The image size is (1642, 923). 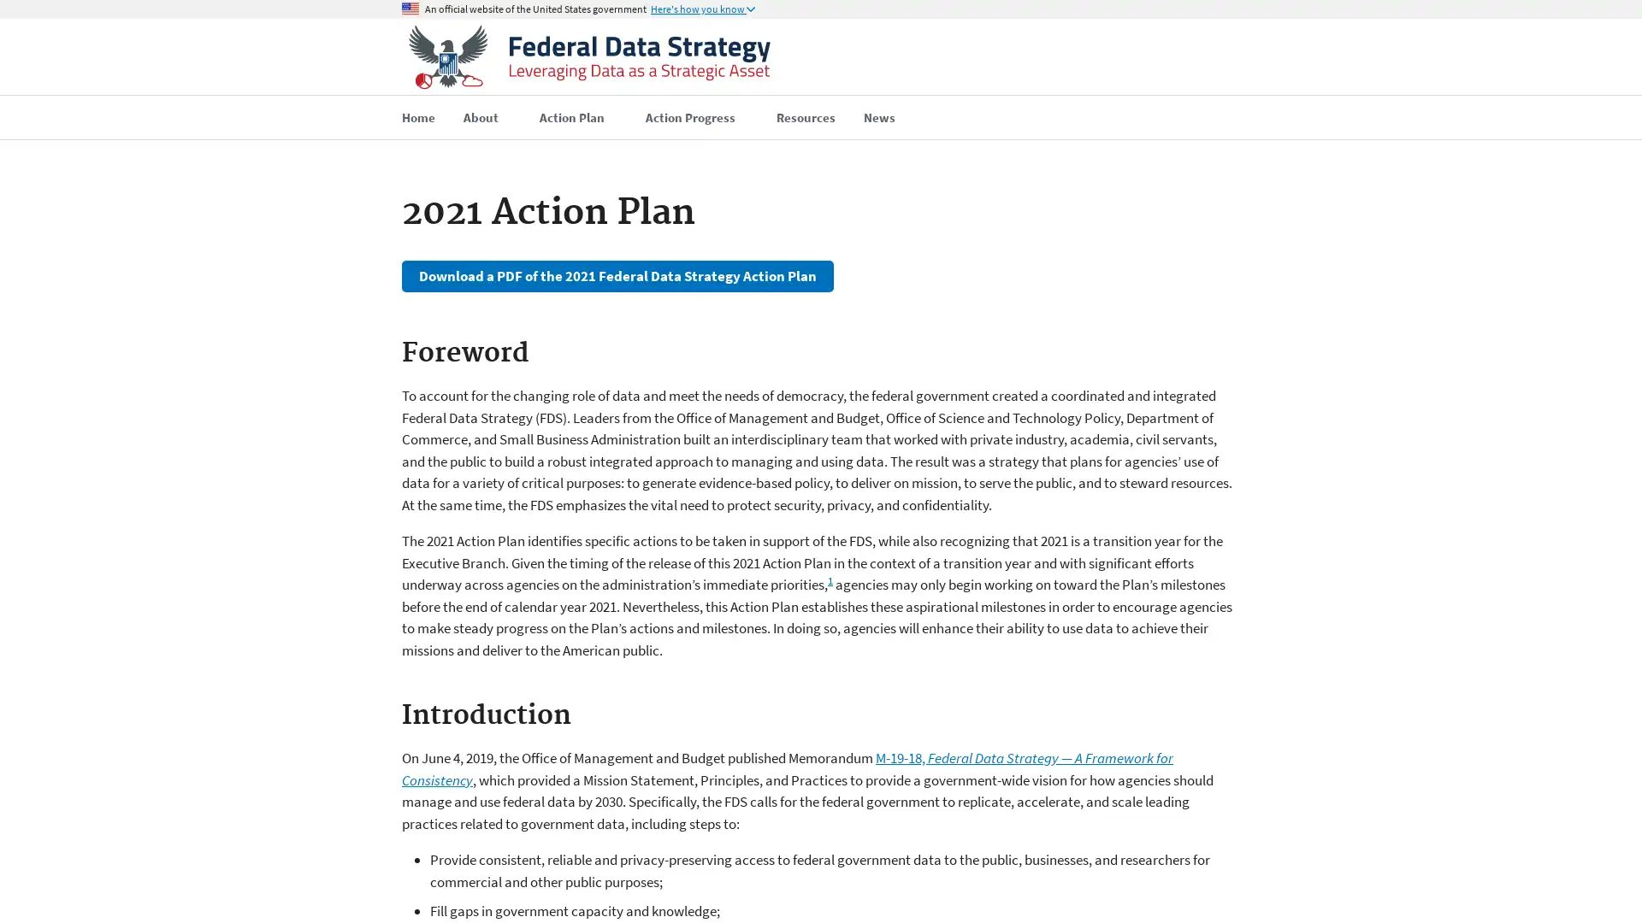 I want to click on Here's how you know, so click(x=702, y=9).